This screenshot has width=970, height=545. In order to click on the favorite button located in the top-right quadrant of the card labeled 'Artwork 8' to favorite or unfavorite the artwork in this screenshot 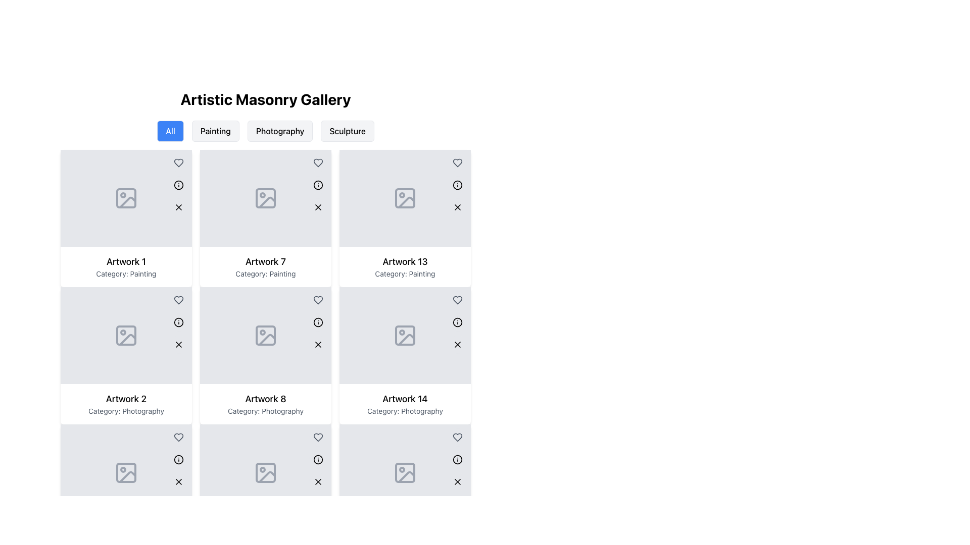, I will do `click(317, 437)`.